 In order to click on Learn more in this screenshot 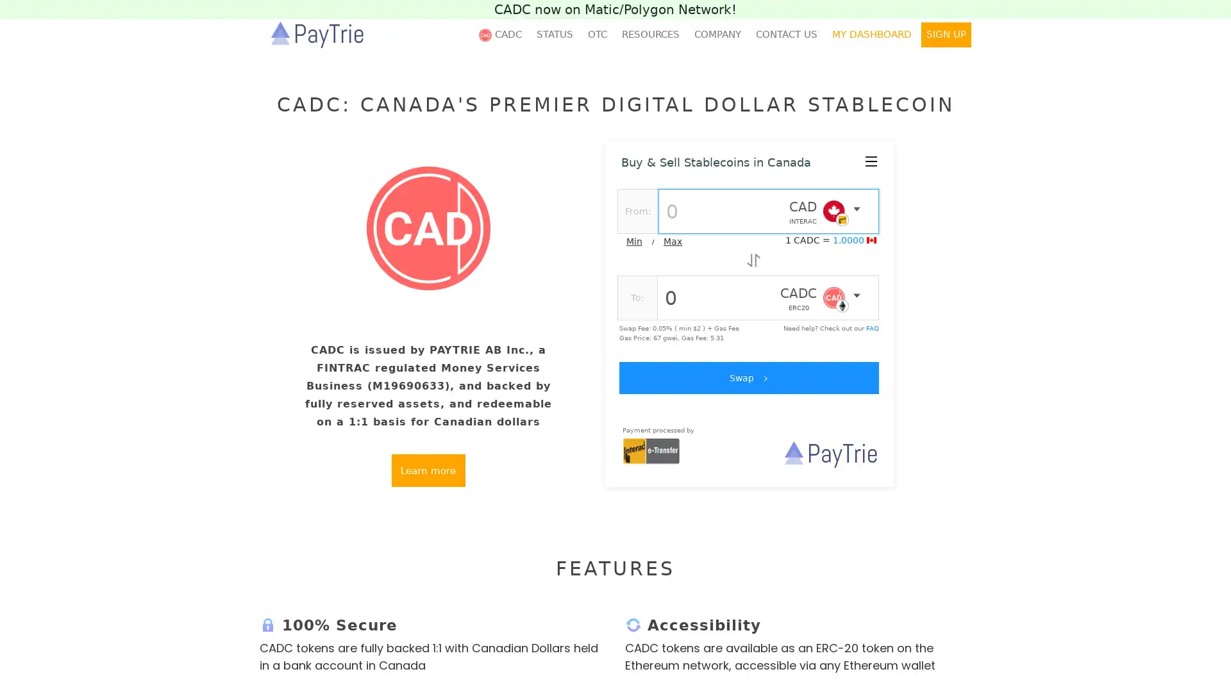, I will do `click(428, 470)`.